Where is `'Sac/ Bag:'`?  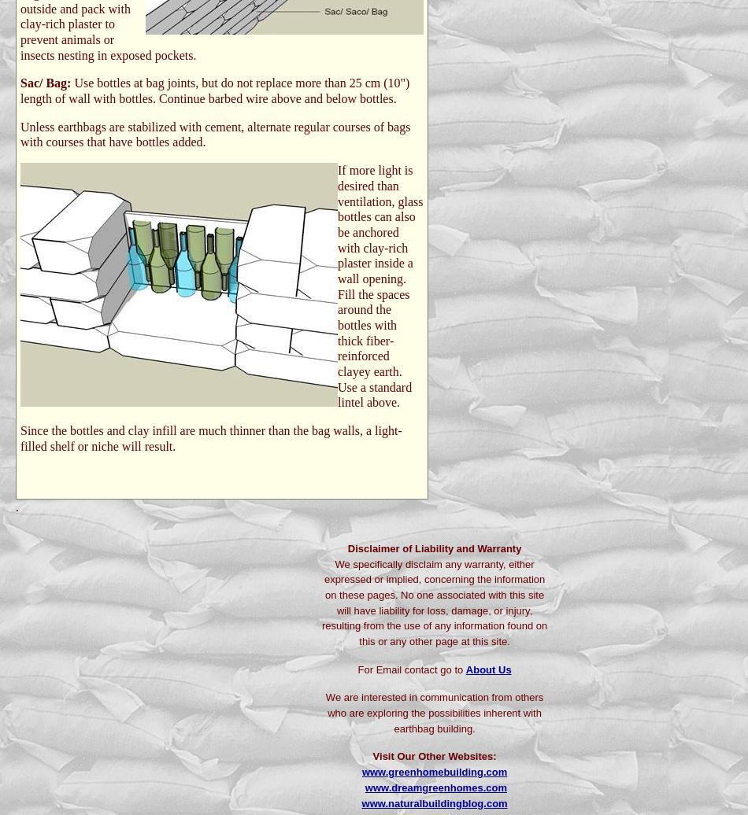 'Sac/ Bag:' is located at coordinates (47, 83).